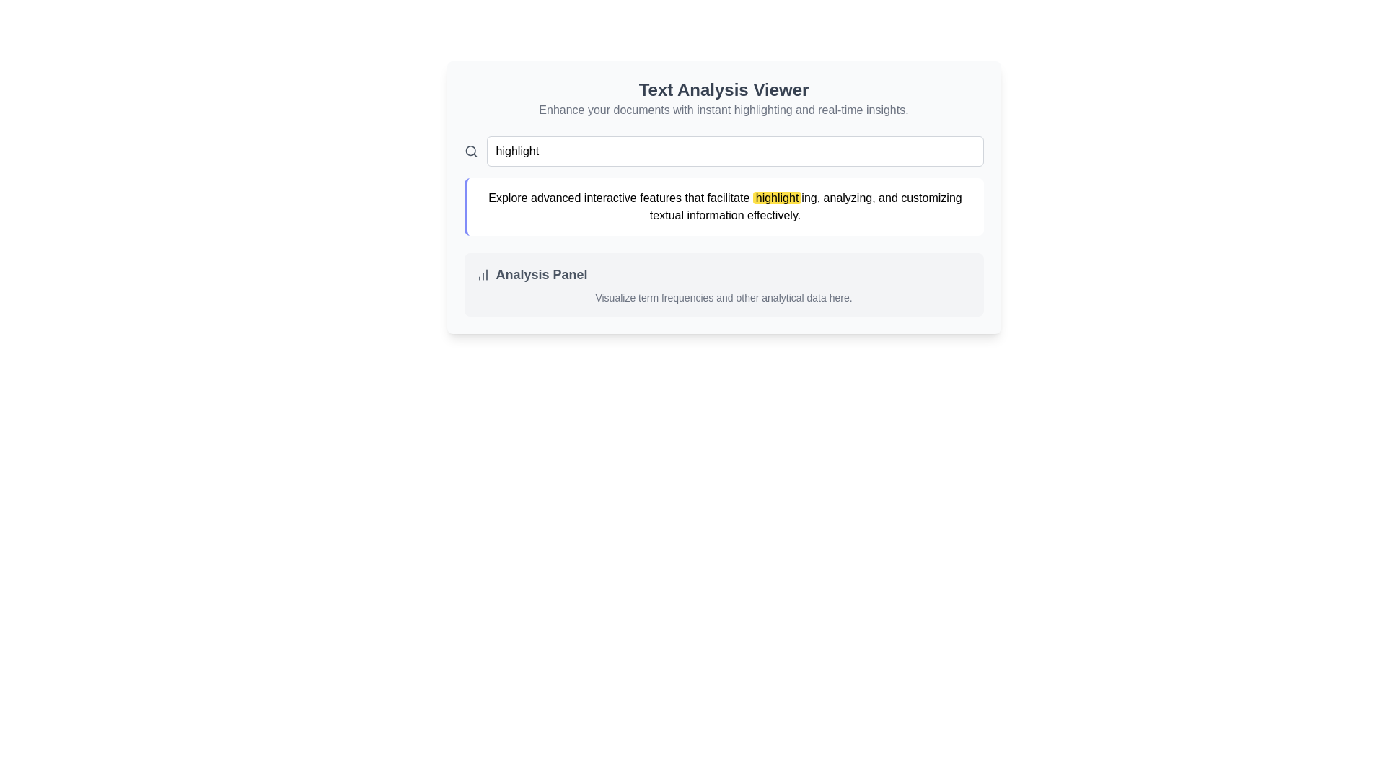 The image size is (1385, 779). I want to click on the circular search icon component located at the upper center of the layout, characterized by a gray outline within the search bar, so click(470, 151).